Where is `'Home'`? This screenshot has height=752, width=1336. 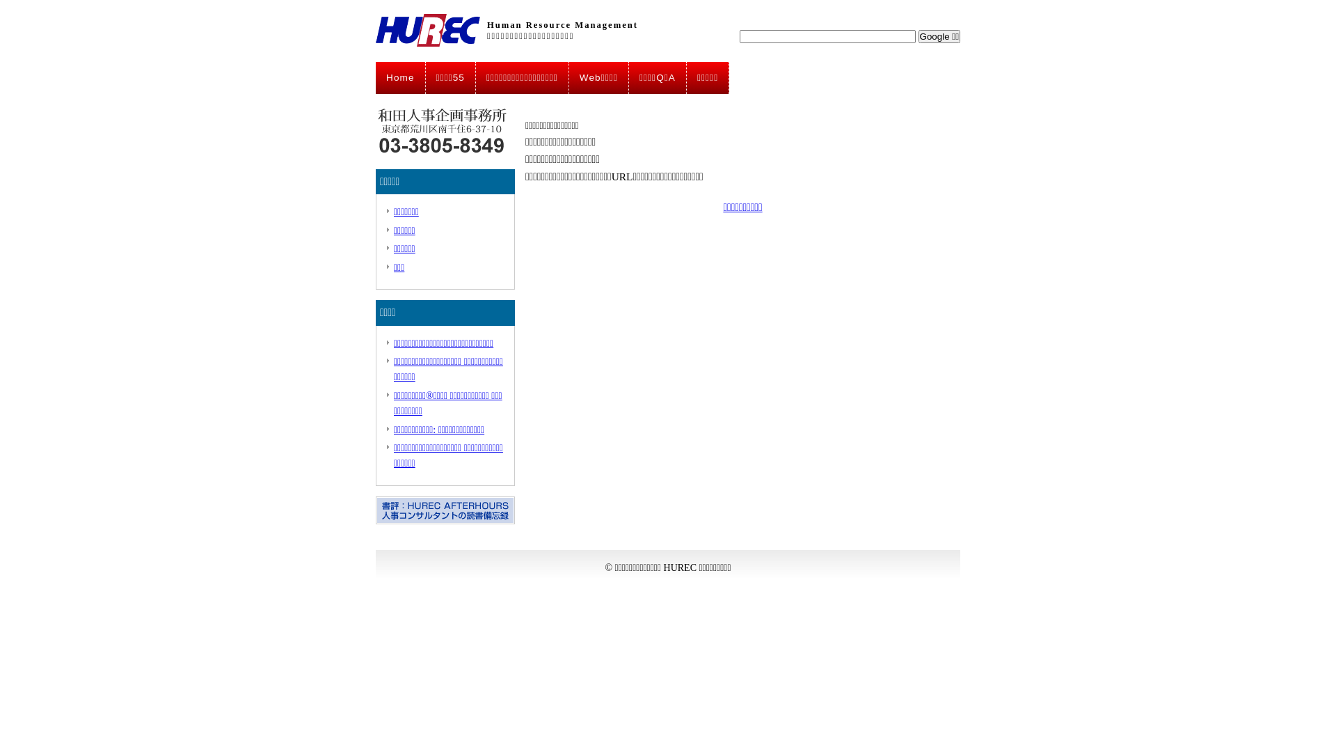
'Home' is located at coordinates (375, 77).